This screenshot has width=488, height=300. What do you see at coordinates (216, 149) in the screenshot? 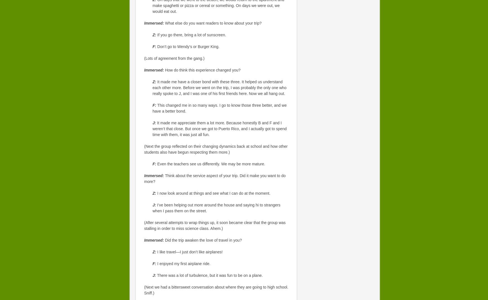
I see `'(Next the group reflected on their changing dynamics back at school and how other students also have begun respecting them more.)'` at bounding box center [216, 149].